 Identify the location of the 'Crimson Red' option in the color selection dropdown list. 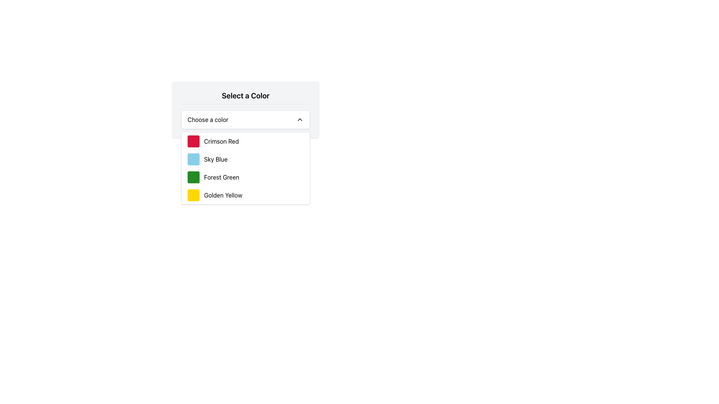
(246, 141).